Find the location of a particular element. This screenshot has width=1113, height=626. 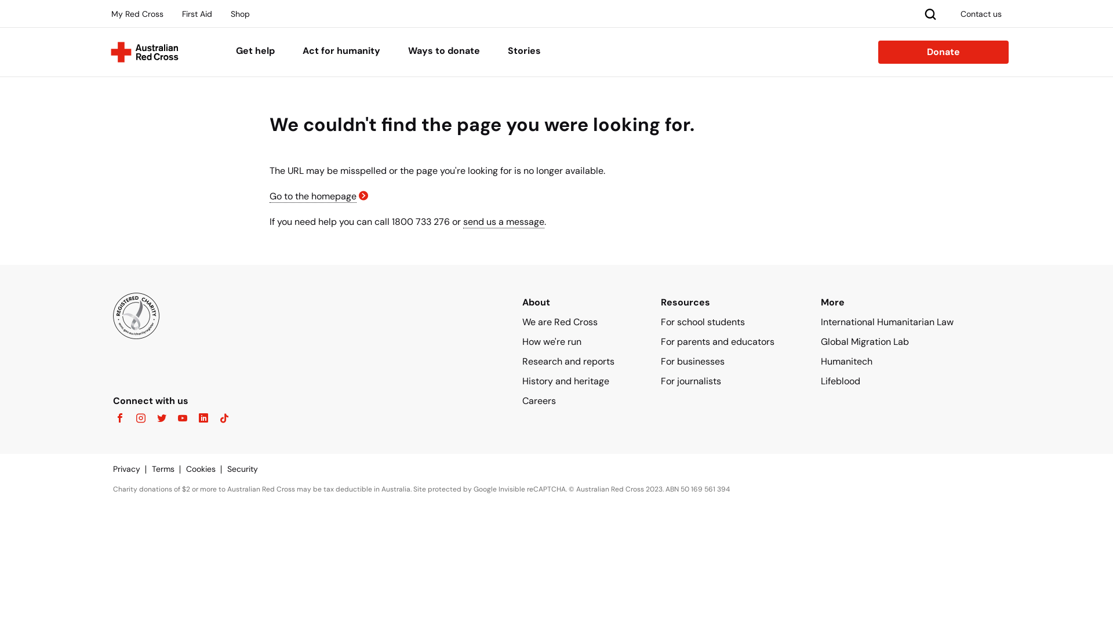

'Go to the homepage' is located at coordinates (312, 196).